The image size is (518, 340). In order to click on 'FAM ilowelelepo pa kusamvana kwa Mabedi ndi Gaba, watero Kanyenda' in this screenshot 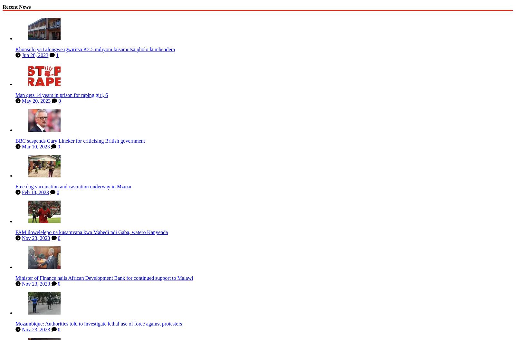, I will do `click(91, 231)`.